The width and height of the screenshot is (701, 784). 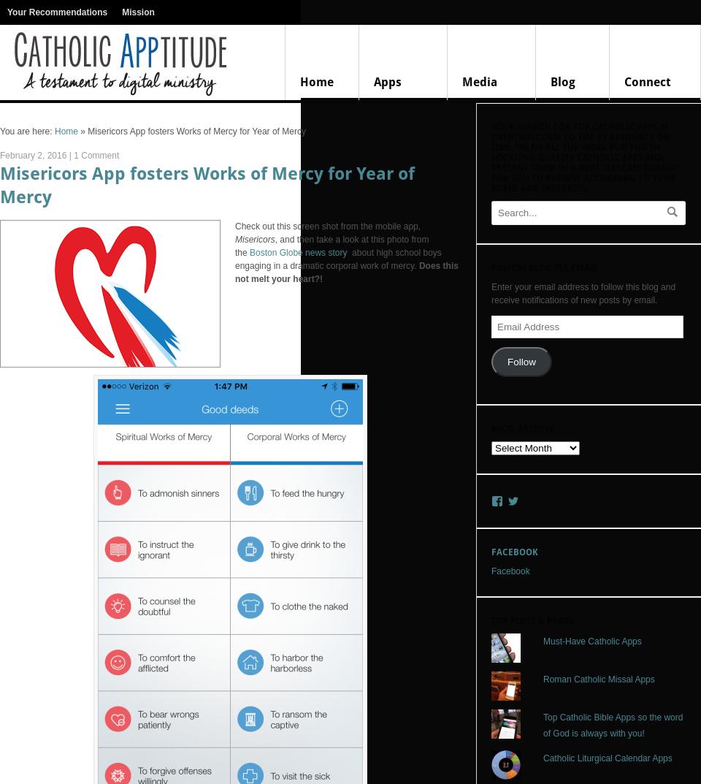 What do you see at coordinates (491, 157) in the screenshot?
I see `'Your search for top Catholic apps is over! Welcome to the #1 resource on line. we do all the work for you in locating quality Catholic apps and present them in a neat, orderly format for you to browse according to your needs and interests.'` at bounding box center [491, 157].